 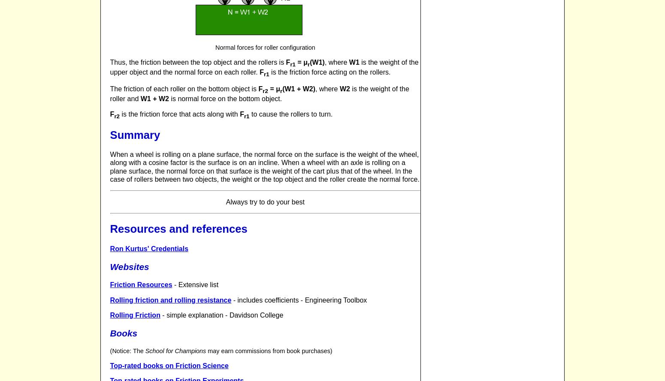 What do you see at coordinates (154, 98) in the screenshot?
I see `'W1 + W2'` at bounding box center [154, 98].